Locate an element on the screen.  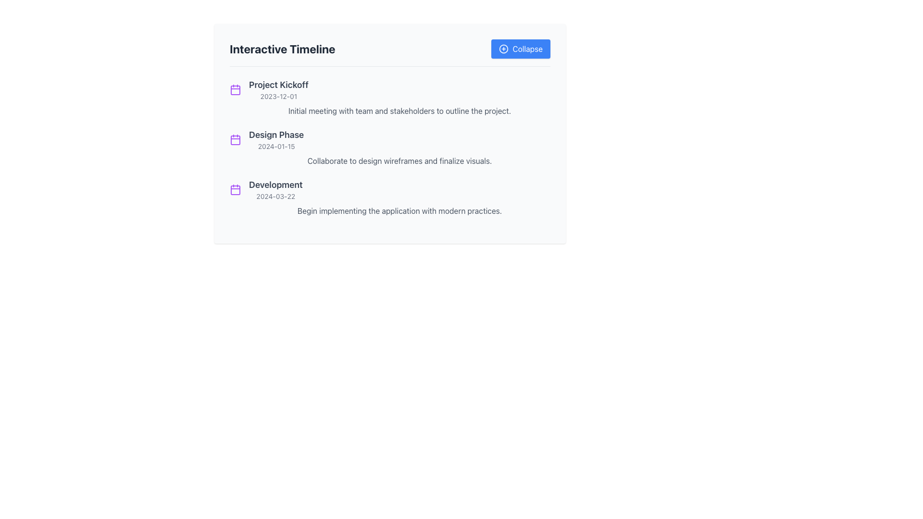
the 'Design Phase' timeline event block, which is the second item is located at coordinates (390, 139).